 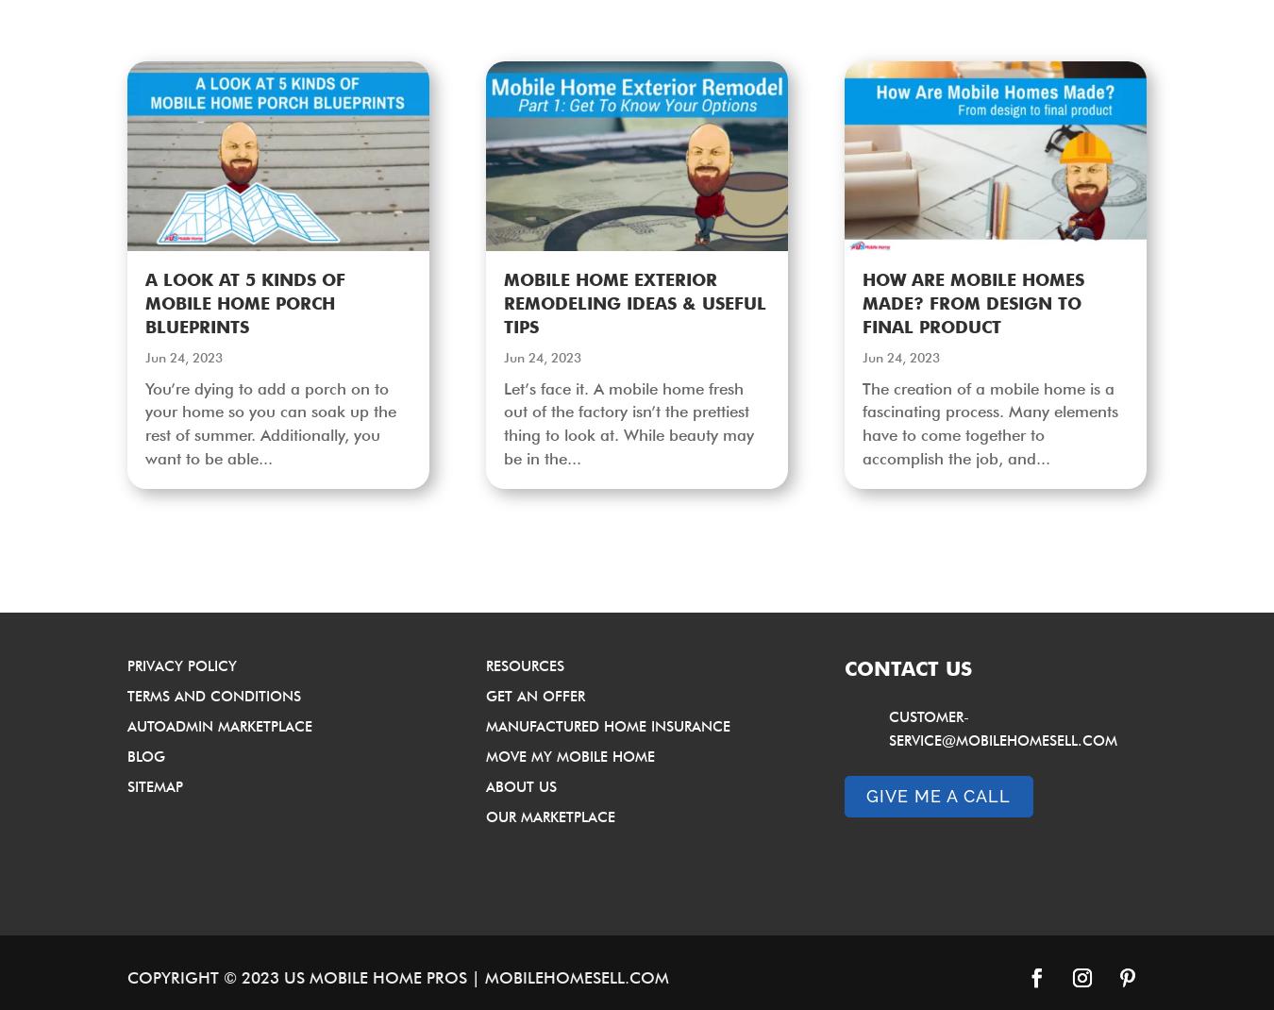 I want to click on 'Give me a Call', so click(x=937, y=795).